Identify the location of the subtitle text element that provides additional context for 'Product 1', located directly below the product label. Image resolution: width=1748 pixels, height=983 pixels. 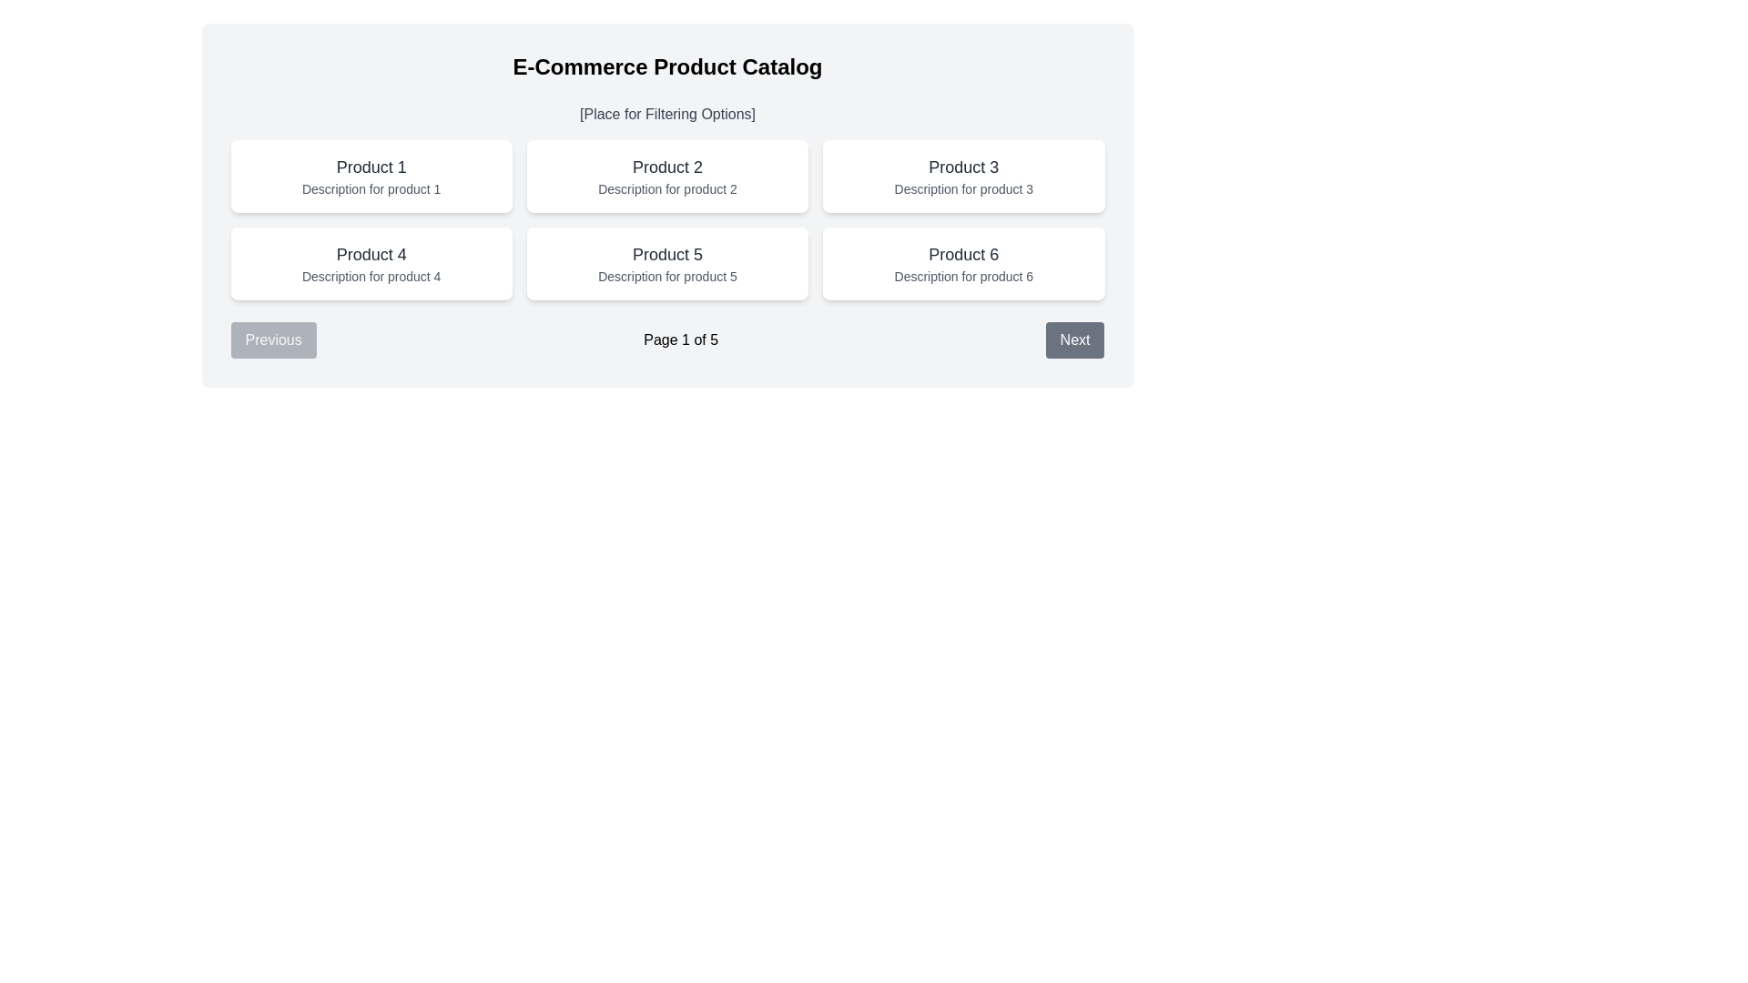
(371, 189).